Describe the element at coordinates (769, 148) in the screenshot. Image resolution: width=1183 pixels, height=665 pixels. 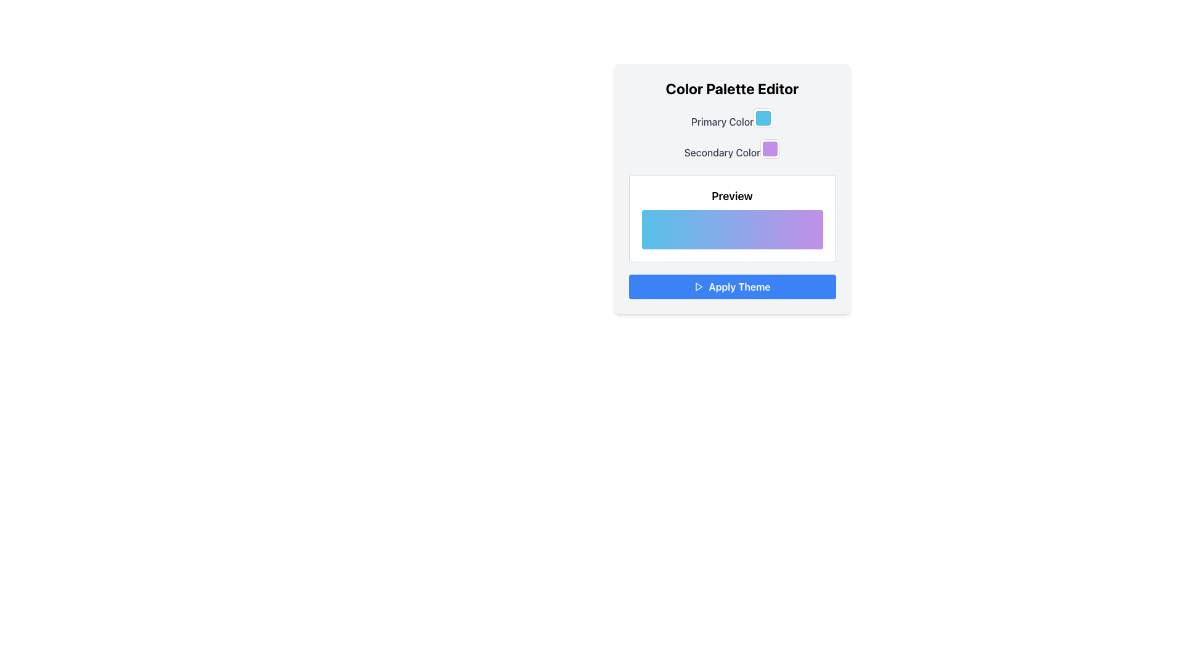
I see `the small square color block with a solid purple background located in the 'Secondary Color' section of the Color Palette Editor` at that location.